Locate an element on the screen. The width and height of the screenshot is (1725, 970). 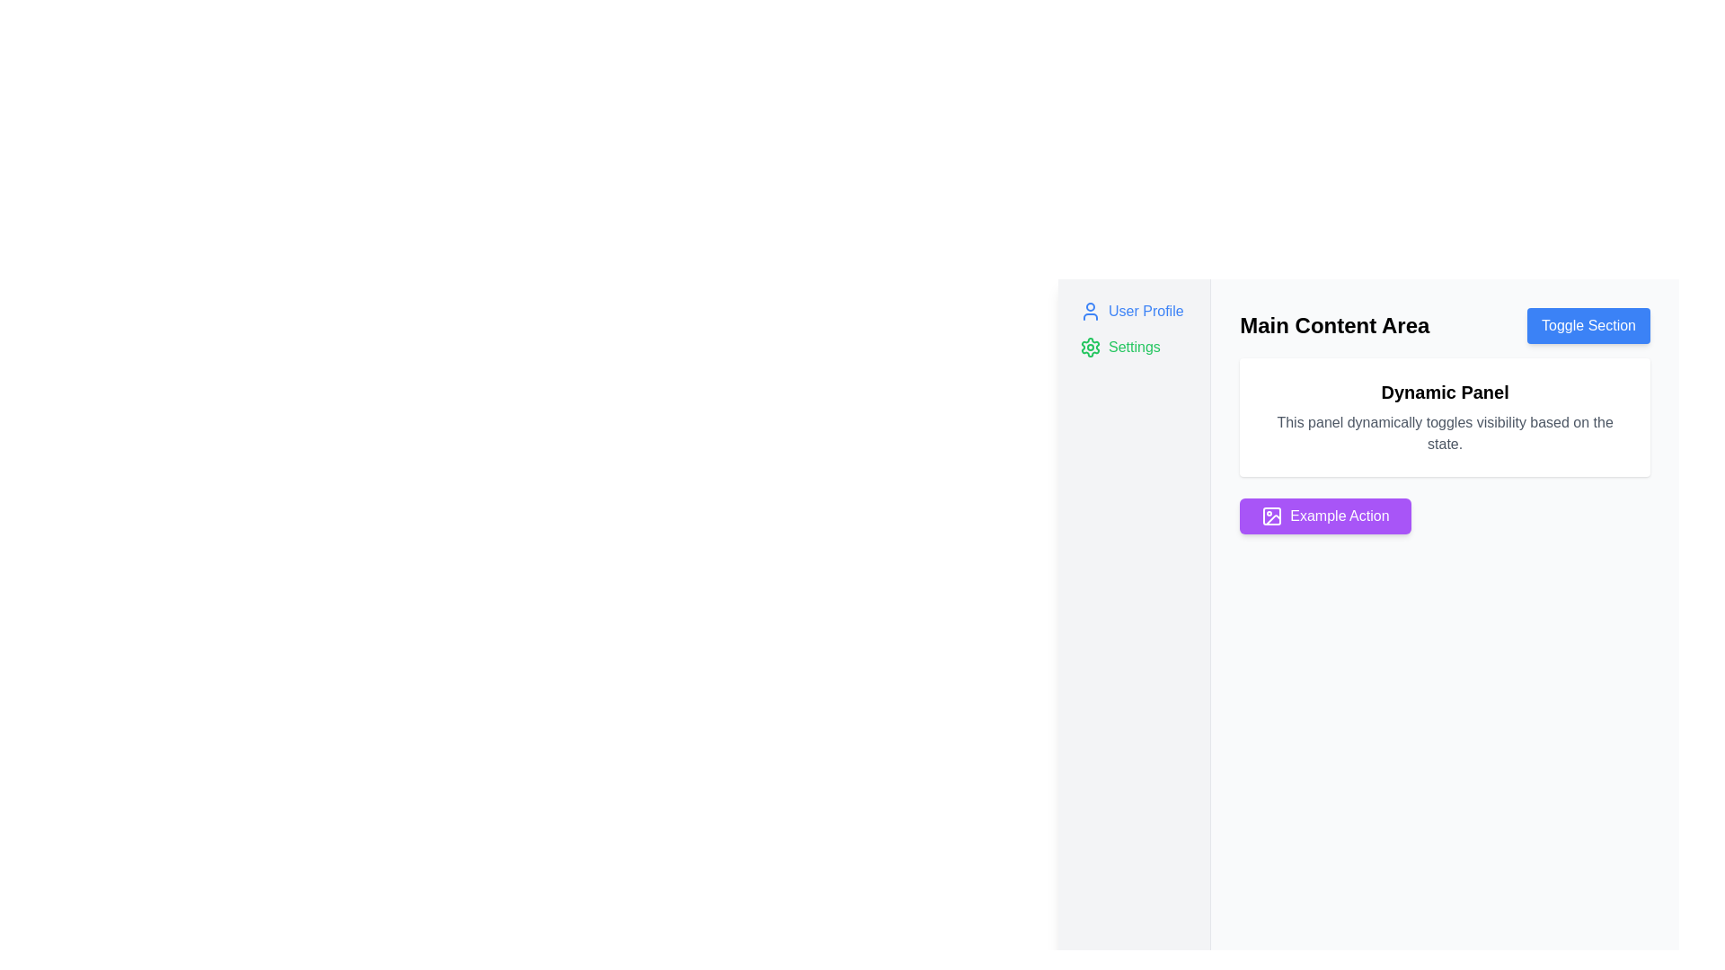
the Navigation link labeled 'User Profile Settings' in the left sidebar is located at coordinates (1133, 311).